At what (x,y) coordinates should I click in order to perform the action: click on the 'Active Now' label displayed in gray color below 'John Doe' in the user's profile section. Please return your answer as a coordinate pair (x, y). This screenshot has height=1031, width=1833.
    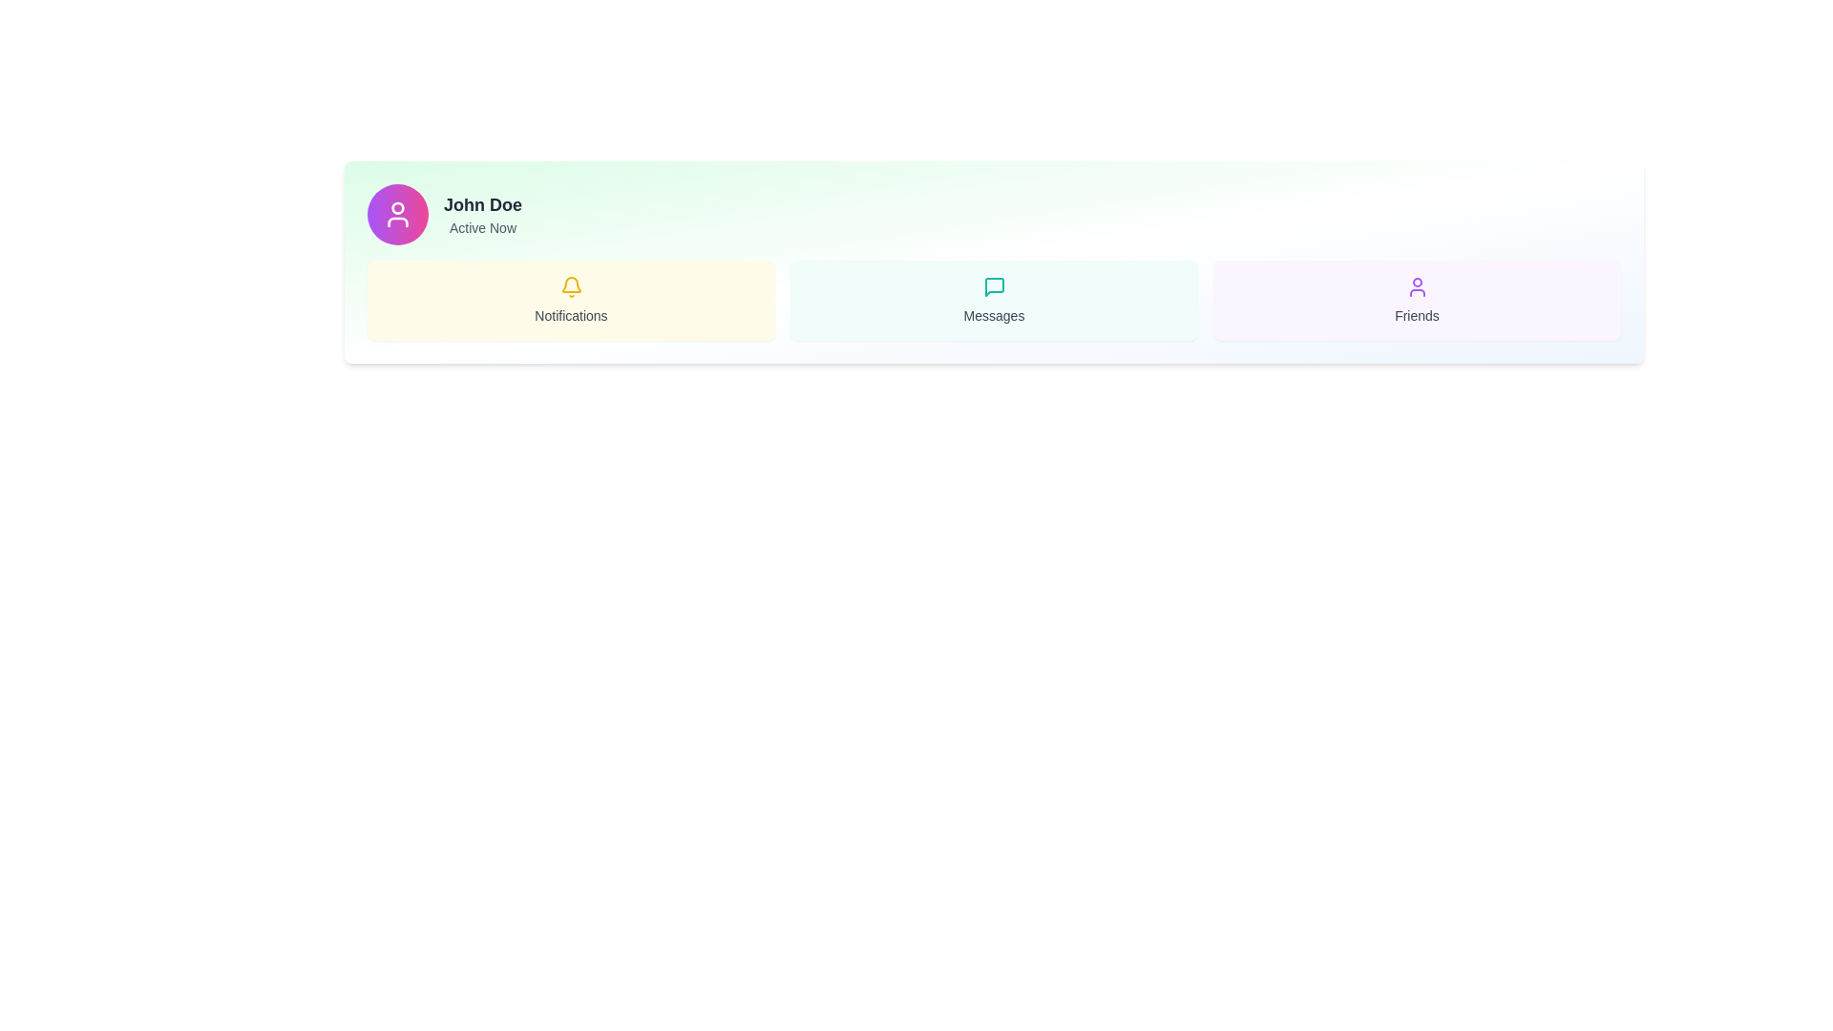
    Looking at the image, I should click on (482, 227).